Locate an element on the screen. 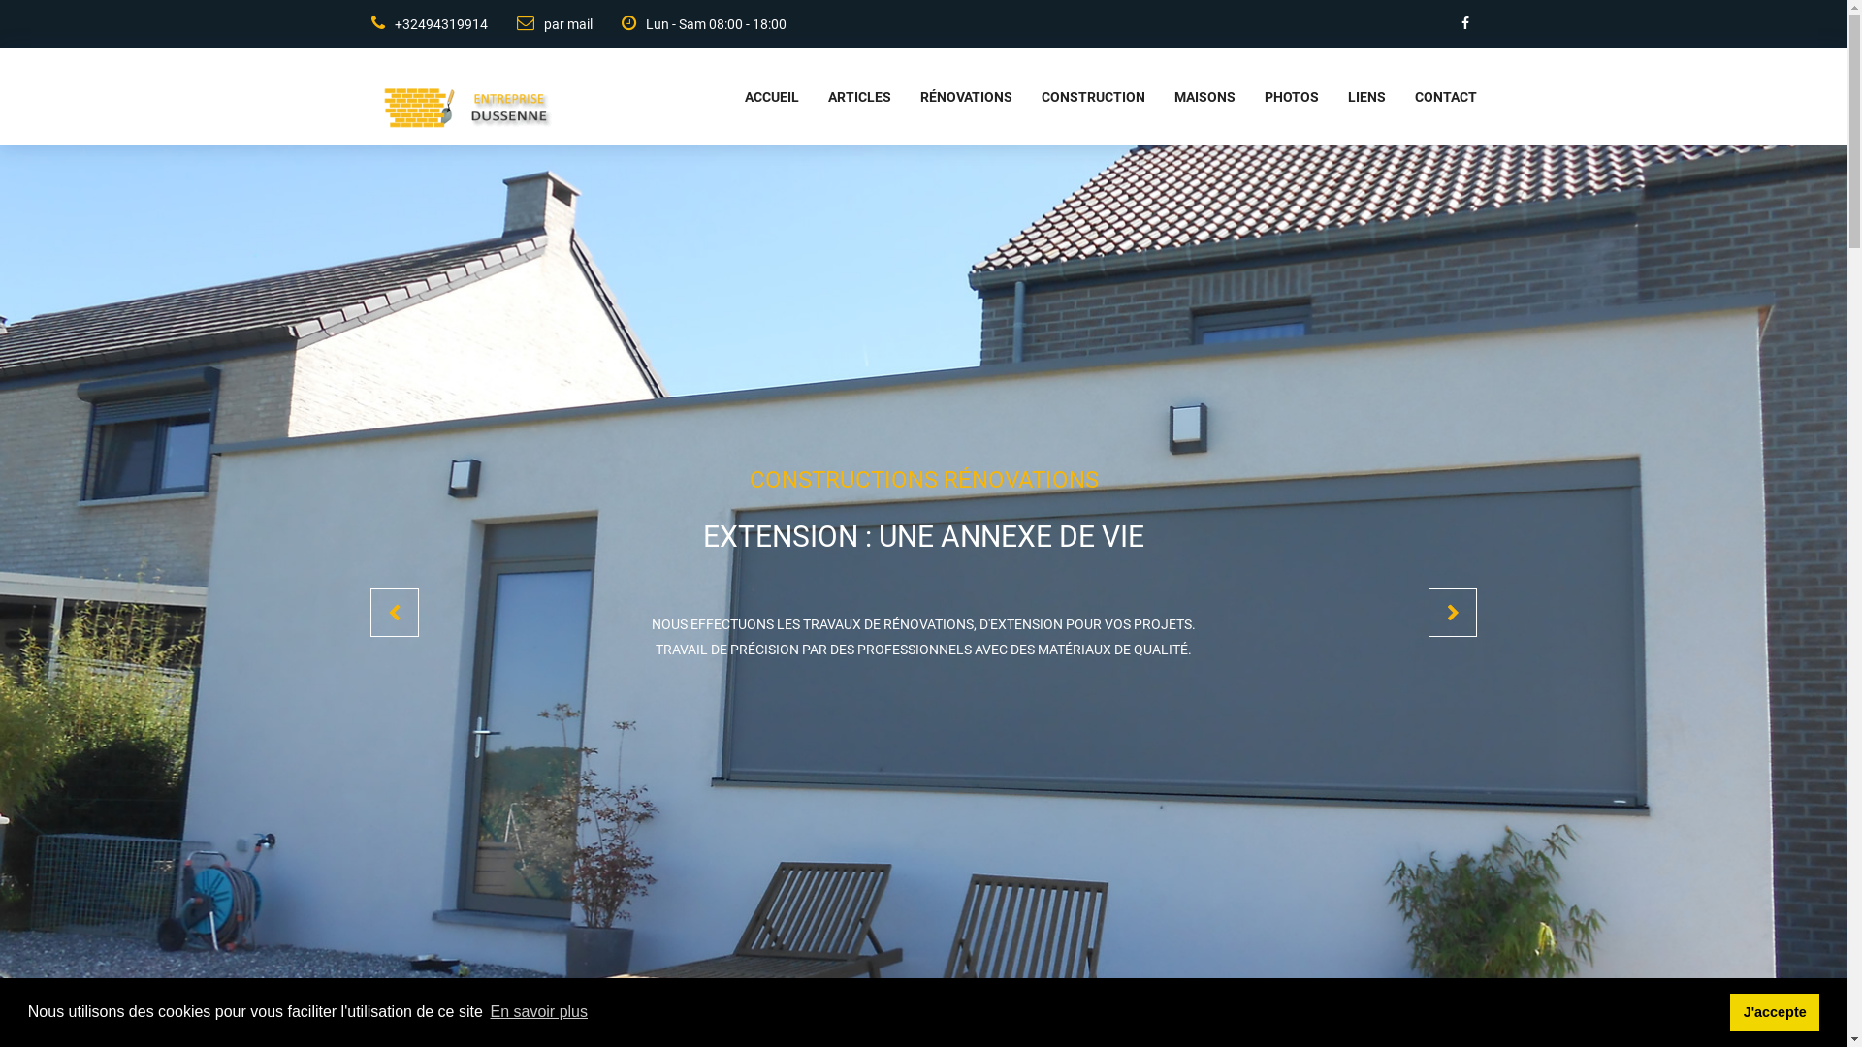 The height and width of the screenshot is (1047, 1862). 'CONTACT' is located at coordinates (1429, 97).